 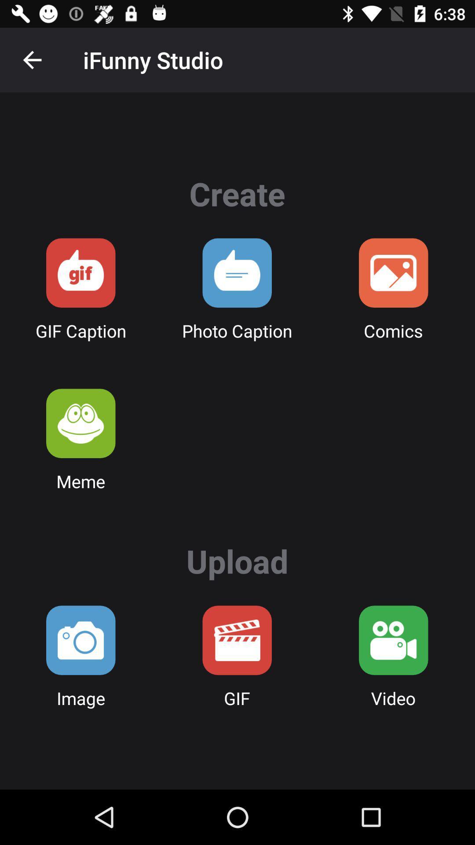 What do you see at coordinates (80, 272) in the screenshot?
I see `in this section you can easily make gitfs` at bounding box center [80, 272].